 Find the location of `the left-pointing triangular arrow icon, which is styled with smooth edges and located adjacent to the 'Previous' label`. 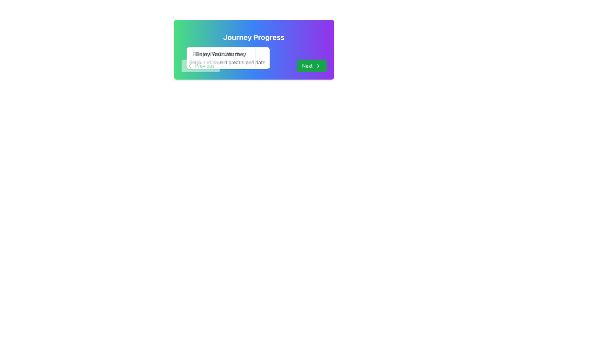

the left-pointing triangular arrow icon, which is styled with smooth edges and located adjacent to the 'Previous' label is located at coordinates (189, 66).